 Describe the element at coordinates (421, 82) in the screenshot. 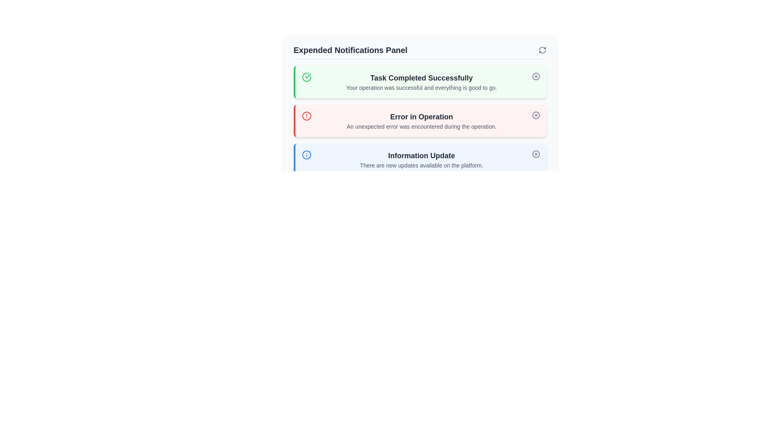

I see `headline 'Task Completed Successfully' and the description 'Your operation was successful and everything is good to go.' from the notification block element located at the center of the panel` at that location.